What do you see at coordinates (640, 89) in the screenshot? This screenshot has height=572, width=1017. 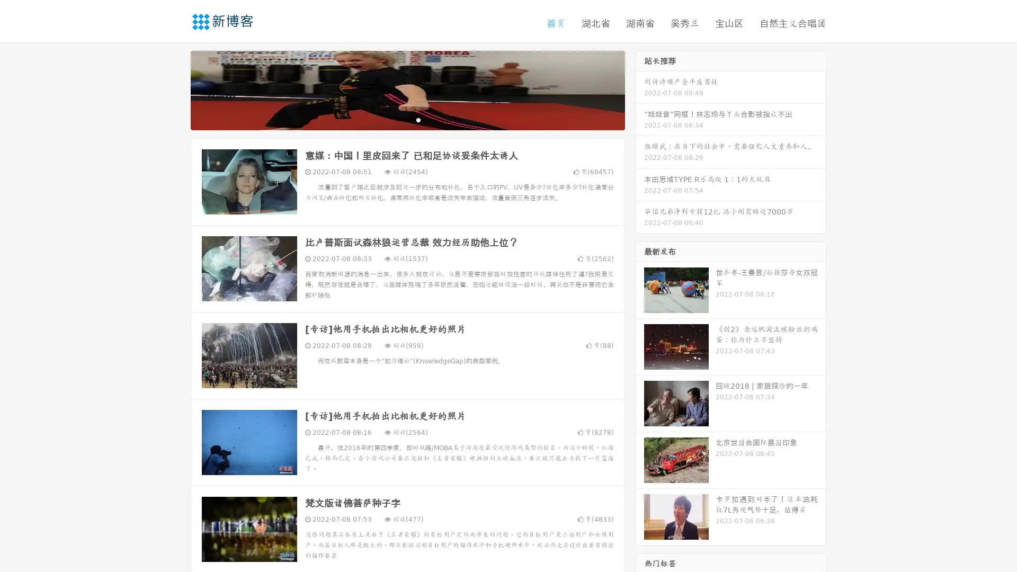 I see `Next slide` at bounding box center [640, 89].